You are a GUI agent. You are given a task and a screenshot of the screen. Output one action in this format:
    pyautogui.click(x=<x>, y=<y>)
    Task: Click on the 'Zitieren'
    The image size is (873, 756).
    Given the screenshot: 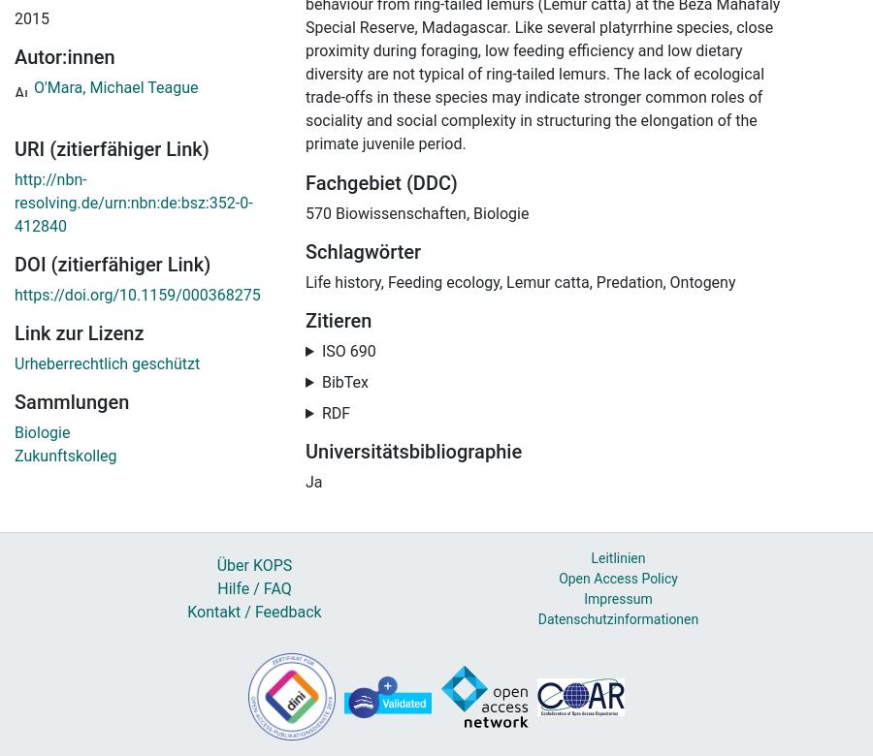 What is the action you would take?
    pyautogui.click(x=338, y=320)
    